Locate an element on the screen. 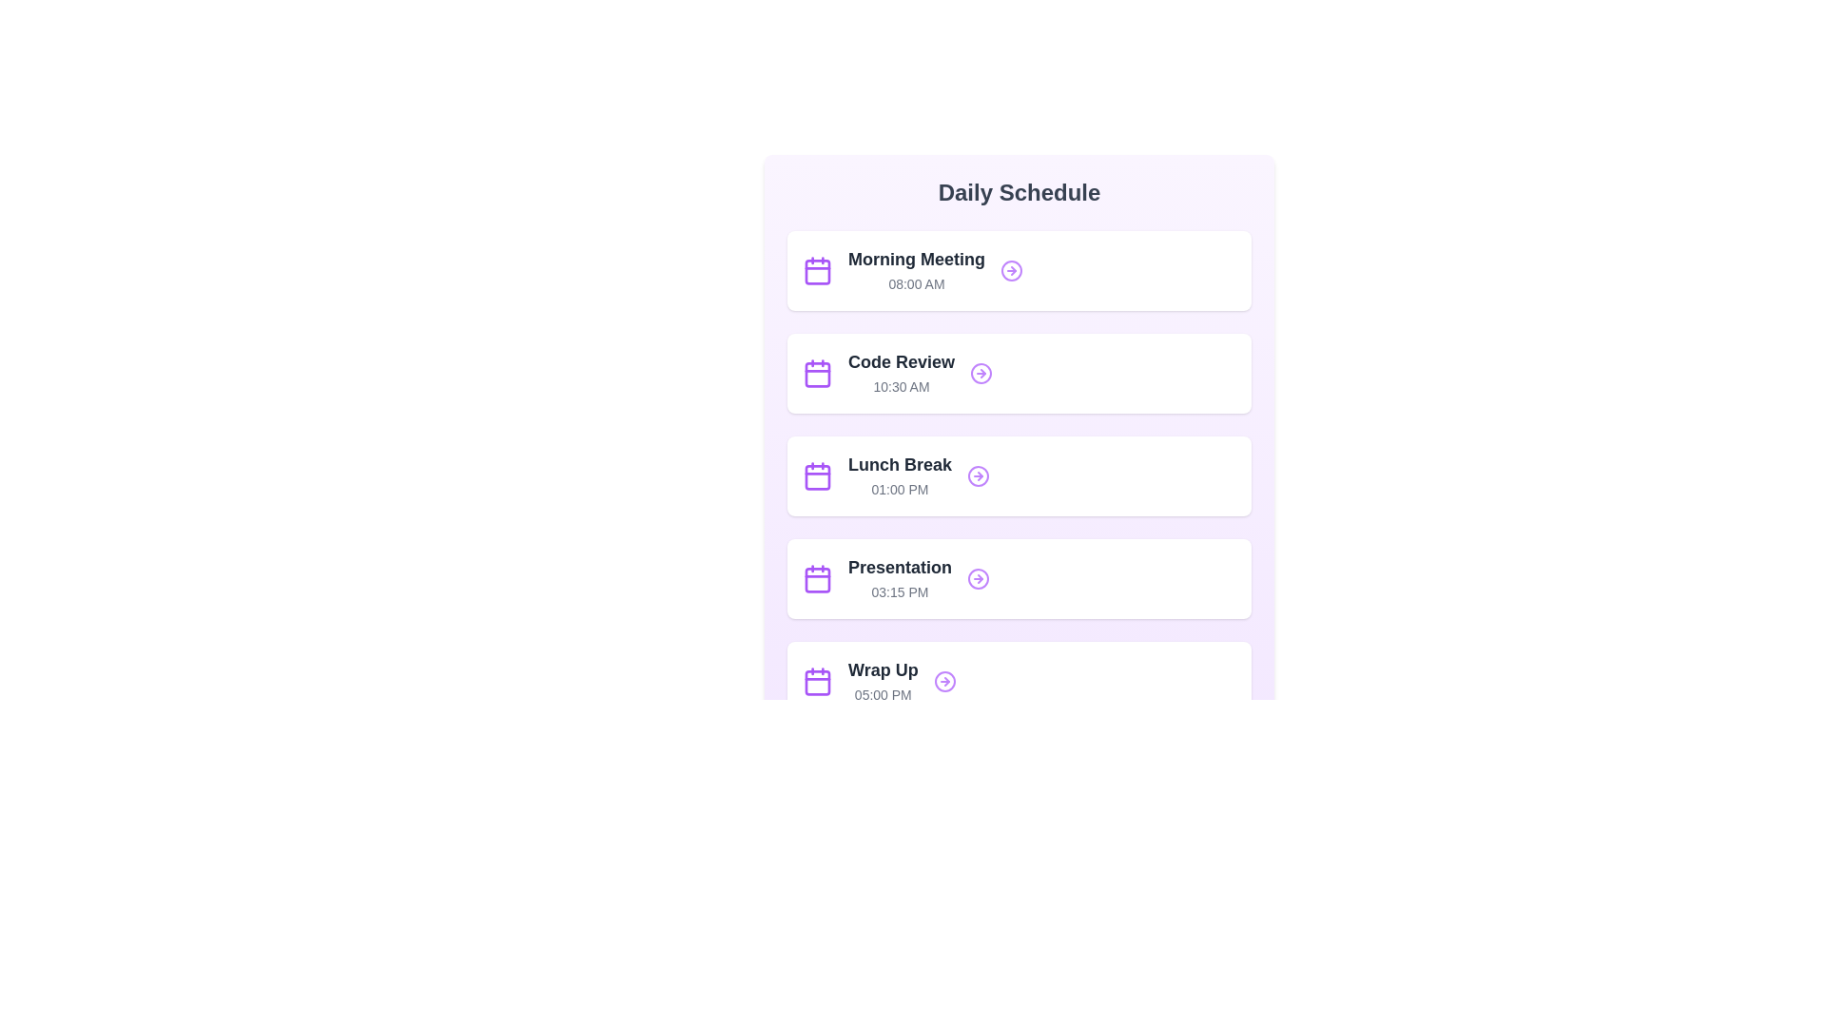 The image size is (1826, 1027). on the 'Wrap Up' activity entry in the daily schedule, which is the fifth item in the vertically stacked list of schedule cards is located at coordinates (1018, 681).